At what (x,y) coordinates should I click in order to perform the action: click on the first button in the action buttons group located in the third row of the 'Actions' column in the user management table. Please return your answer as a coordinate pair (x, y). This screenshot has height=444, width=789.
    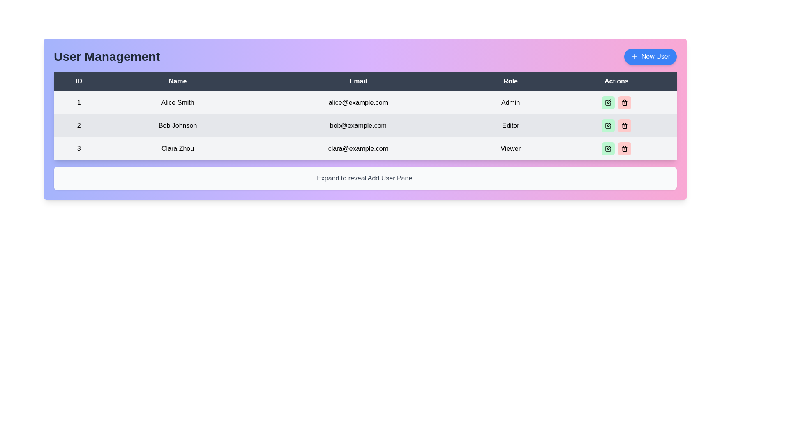
    Looking at the image, I should click on (608, 149).